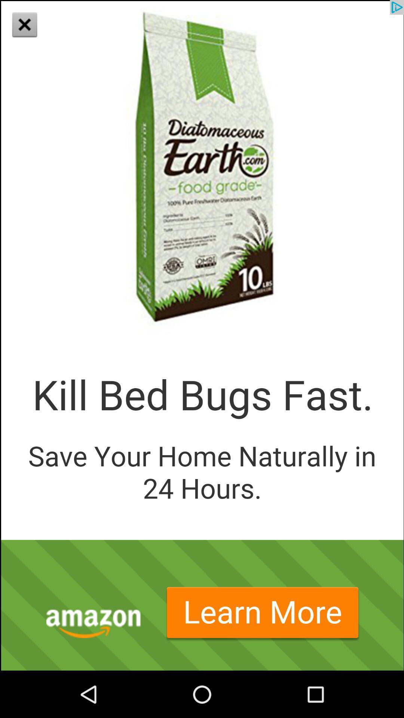  Describe the element at coordinates (24, 26) in the screenshot. I see `the close icon` at that location.